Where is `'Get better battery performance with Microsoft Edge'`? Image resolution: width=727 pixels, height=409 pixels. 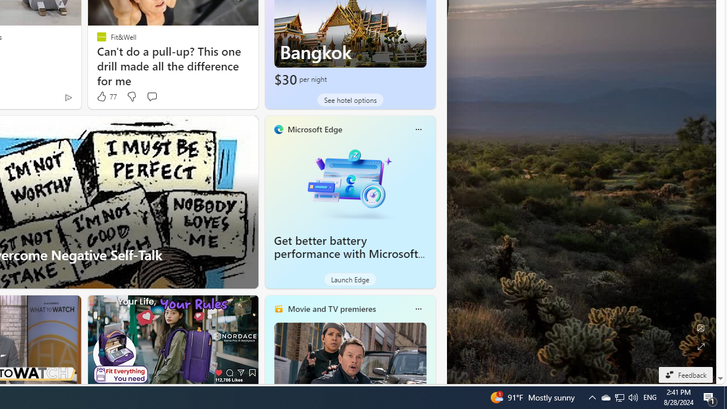
'Get better battery performance with Microsoft Edge' is located at coordinates (349, 182).